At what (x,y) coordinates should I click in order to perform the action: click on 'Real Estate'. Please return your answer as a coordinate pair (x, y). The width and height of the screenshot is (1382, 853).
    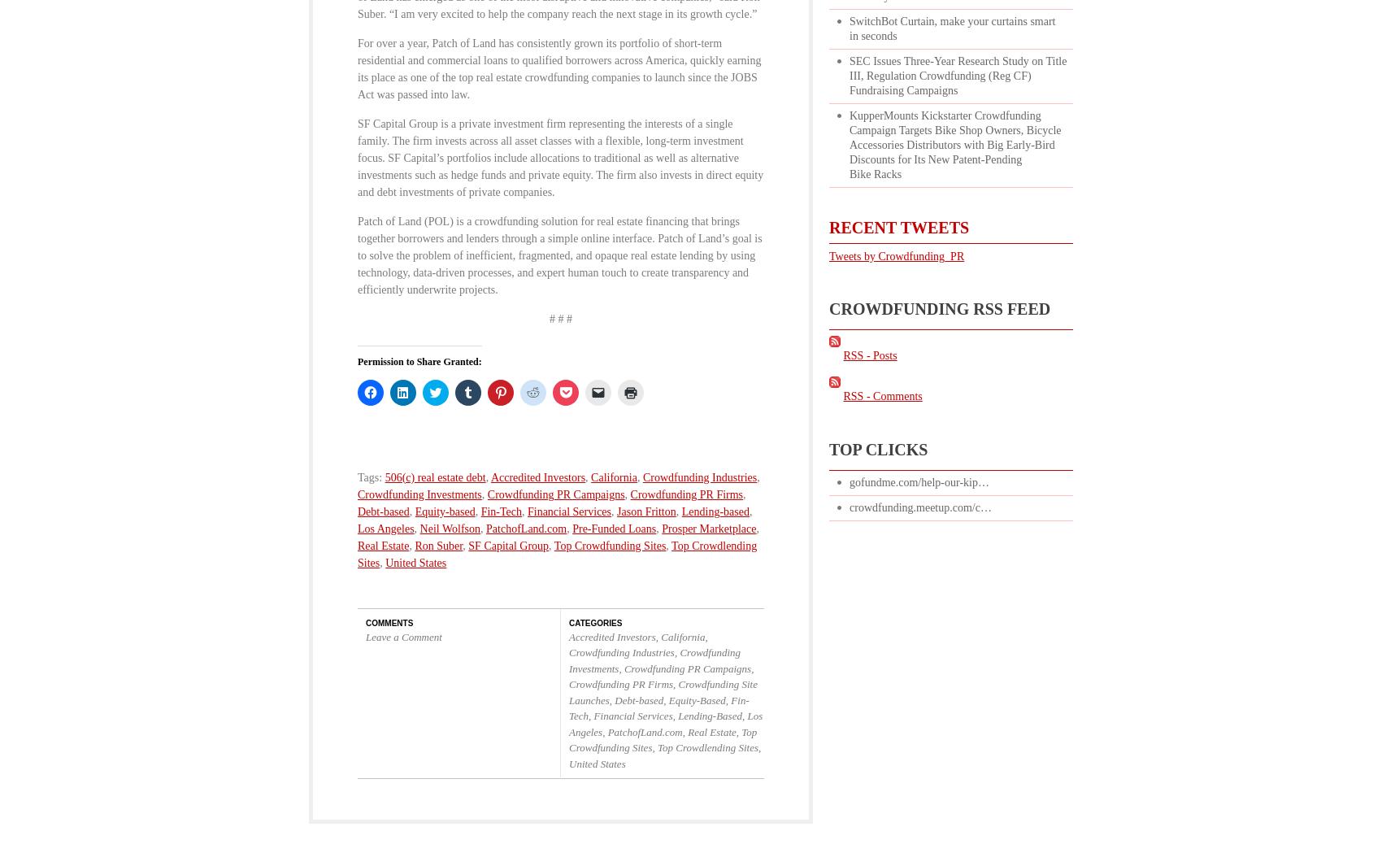
    Looking at the image, I should click on (383, 544).